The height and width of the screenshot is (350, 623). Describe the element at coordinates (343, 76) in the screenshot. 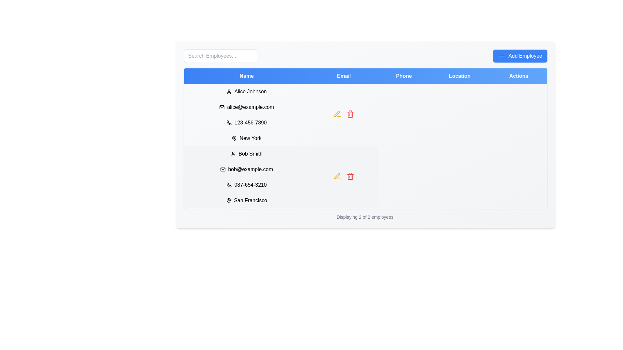

I see `the Label element with a blue background containing the text 'Email' in bold, located in the second column of the header row` at that location.